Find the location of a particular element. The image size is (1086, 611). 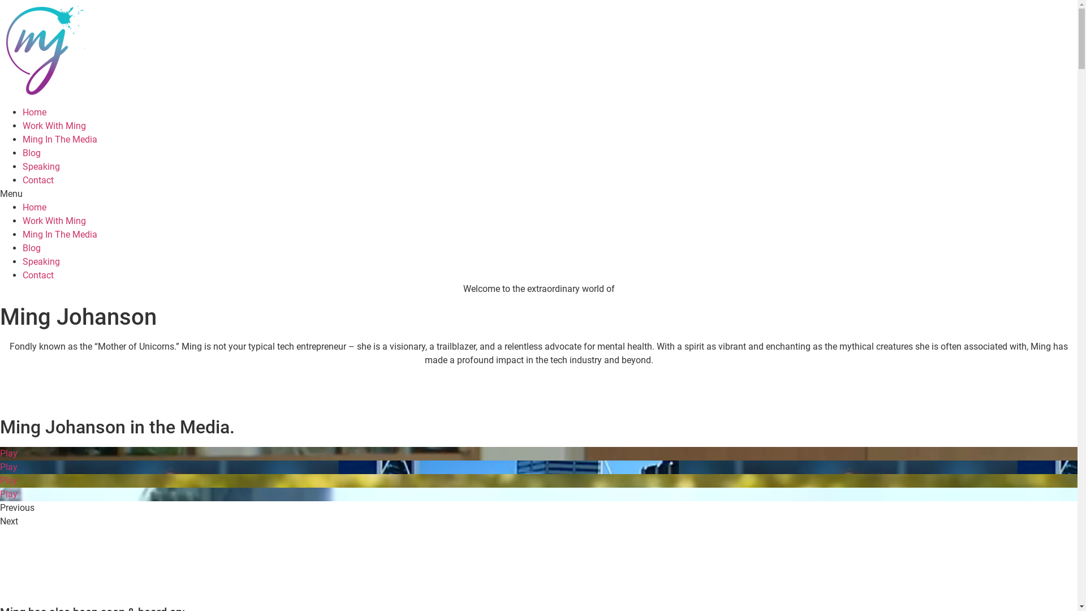

'MJ HORIZ Colour Light Bkgnd CMYK' is located at coordinates (0, 50).